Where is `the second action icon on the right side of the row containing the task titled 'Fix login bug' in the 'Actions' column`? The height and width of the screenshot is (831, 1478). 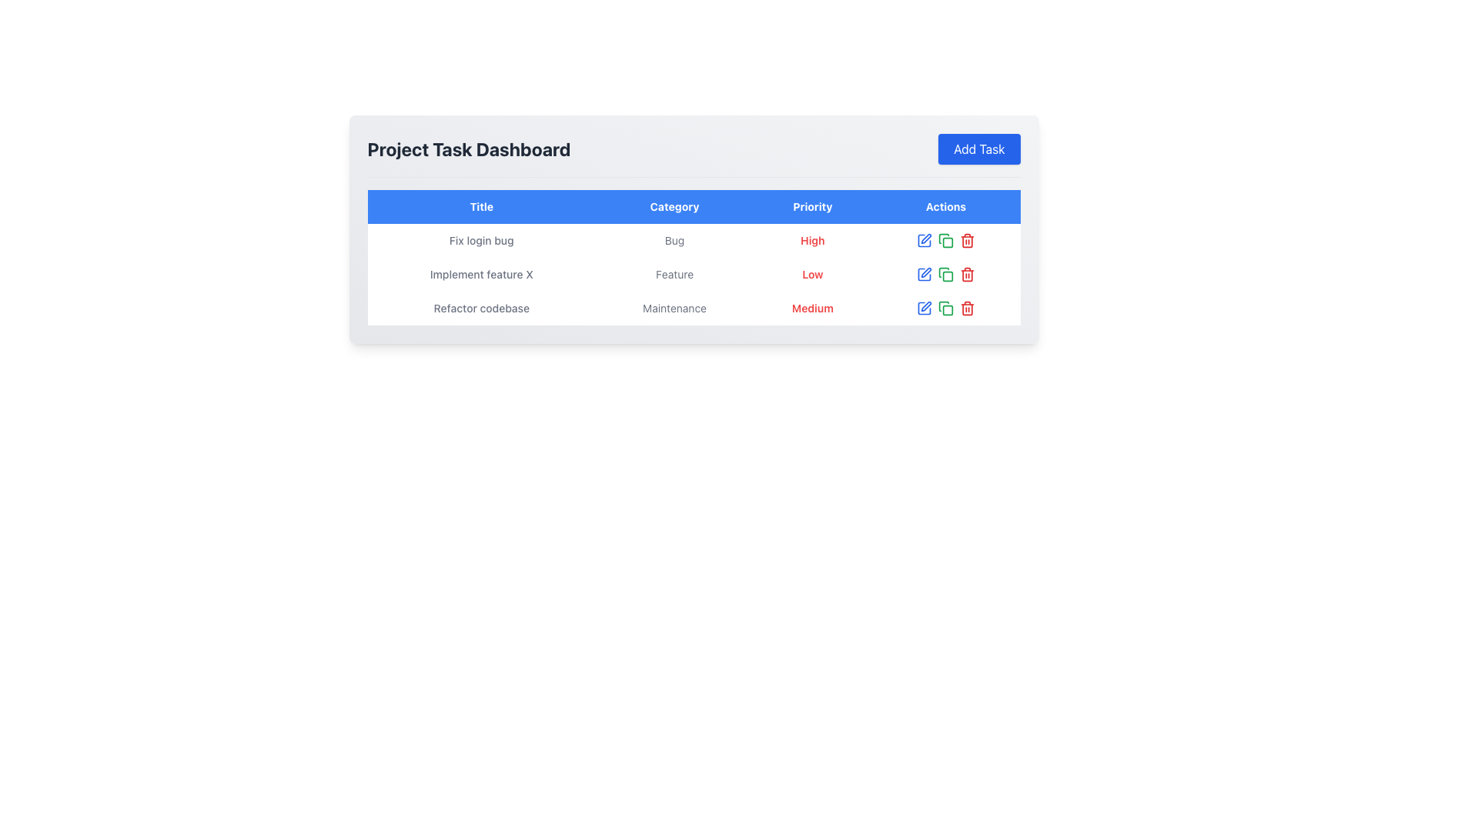
the second action icon on the right side of the row containing the task titled 'Fix login bug' in the 'Actions' column is located at coordinates (945, 240).